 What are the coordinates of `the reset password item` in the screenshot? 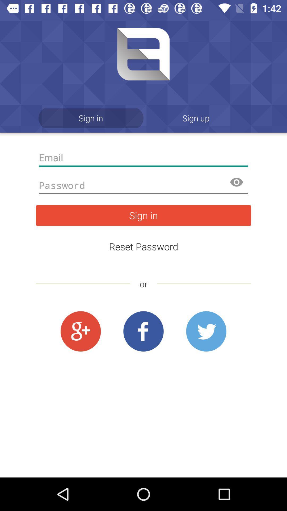 It's located at (143, 246).